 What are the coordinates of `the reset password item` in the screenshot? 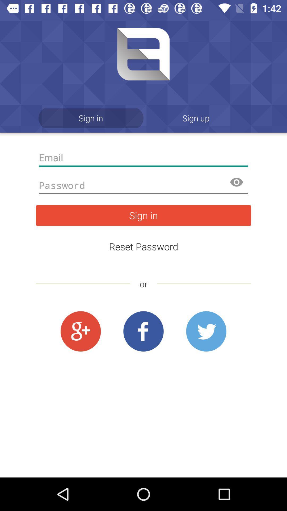 It's located at (143, 246).